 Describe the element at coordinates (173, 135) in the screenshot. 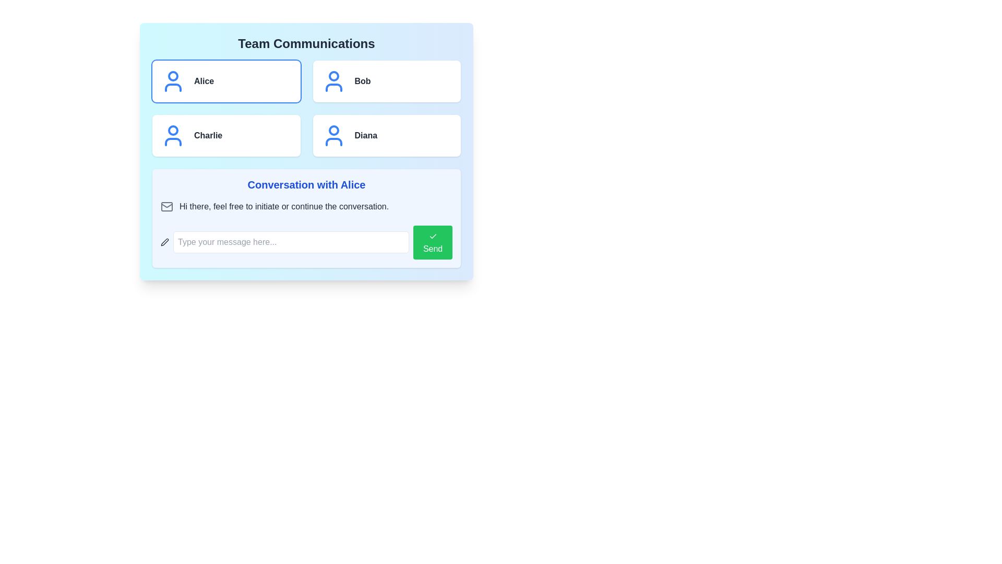

I see `the user profile icon styled in blue, located to the left of the name 'Charlie' in the user list` at that location.